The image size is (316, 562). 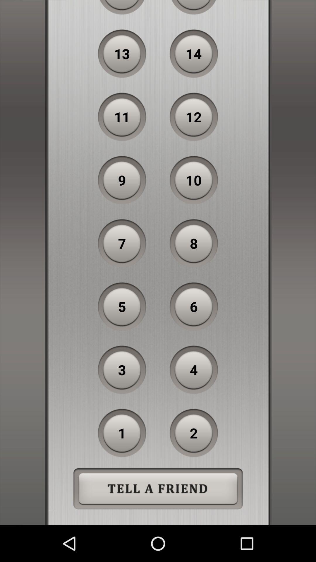 What do you see at coordinates (122, 369) in the screenshot?
I see `3 icon` at bounding box center [122, 369].